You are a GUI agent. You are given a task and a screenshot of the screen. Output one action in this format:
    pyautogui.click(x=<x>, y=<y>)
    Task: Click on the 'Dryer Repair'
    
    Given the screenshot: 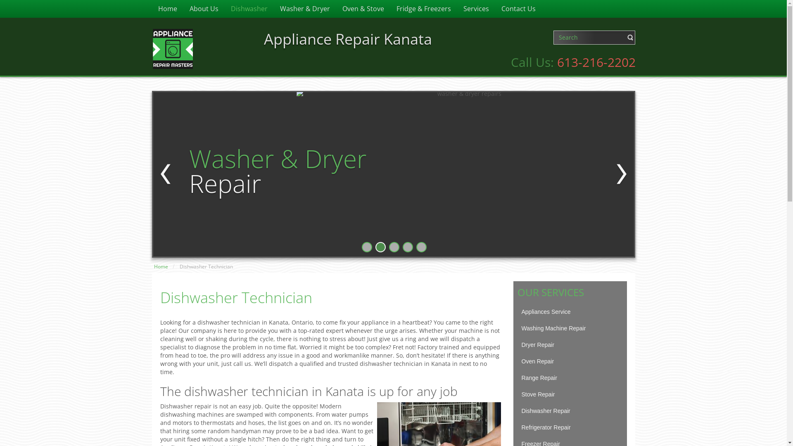 What is the action you would take?
    pyautogui.click(x=569, y=344)
    